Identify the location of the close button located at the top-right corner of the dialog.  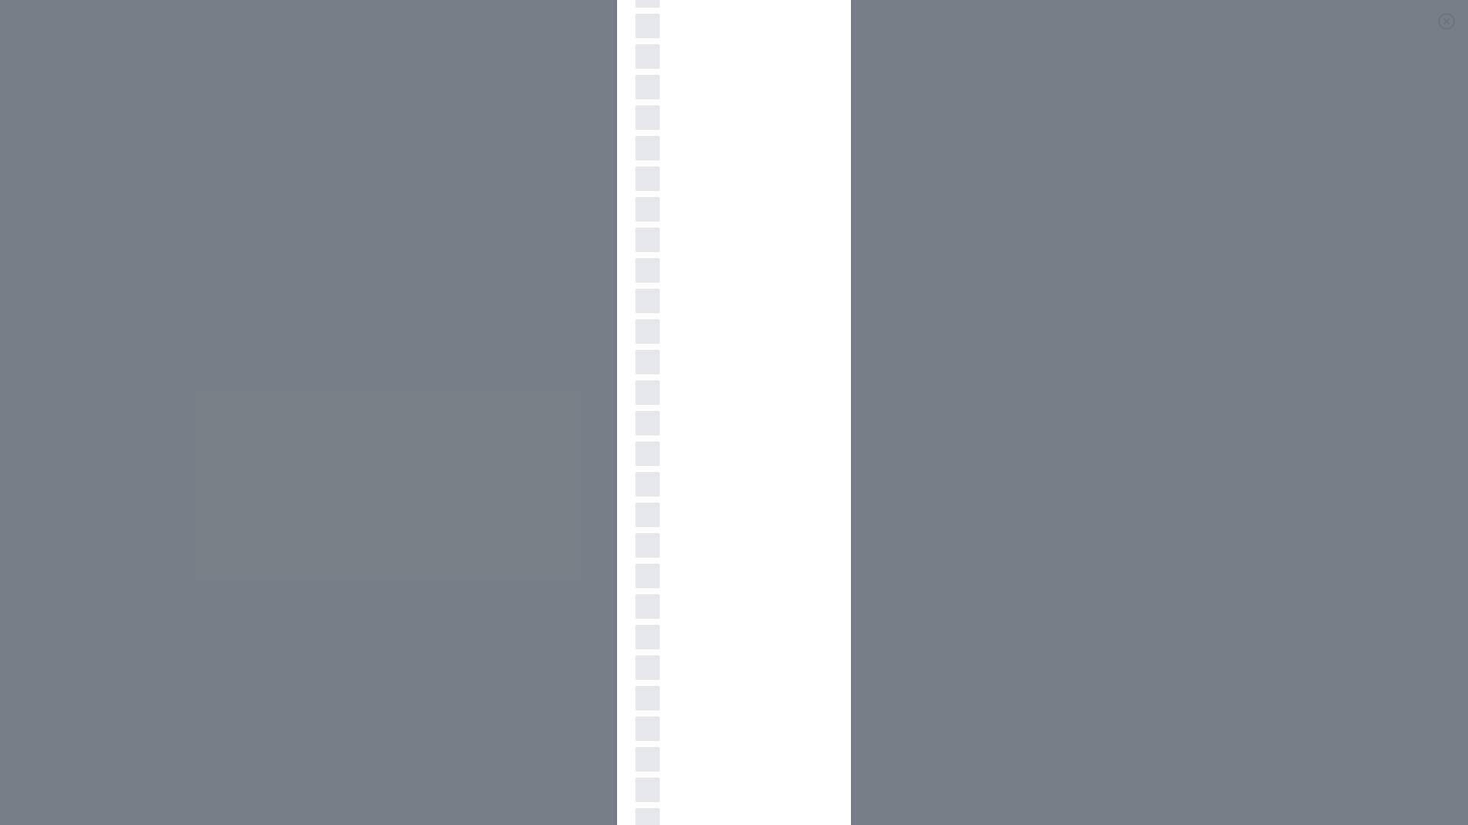
(1445, 21).